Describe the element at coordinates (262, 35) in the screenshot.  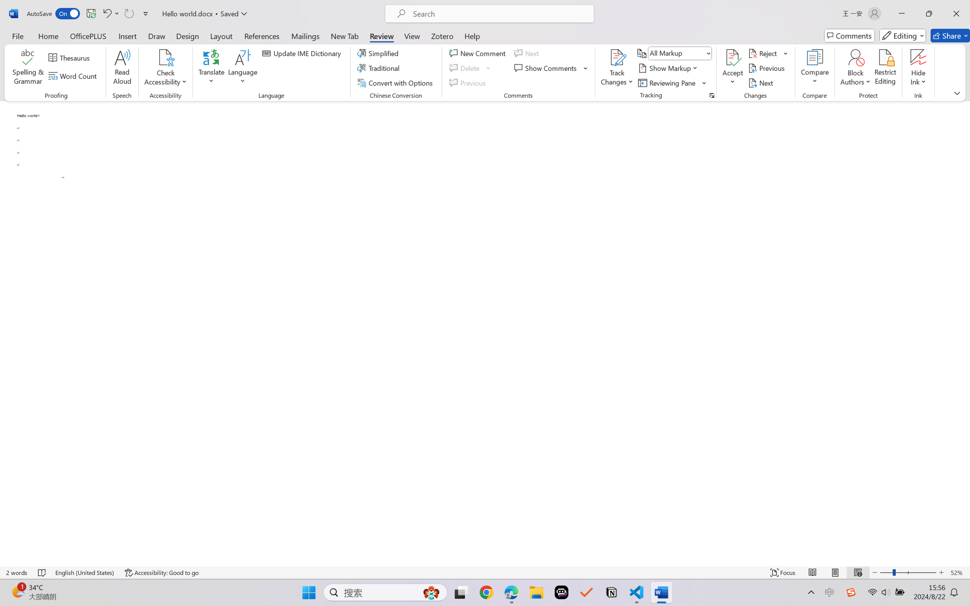
I see `'References'` at that location.